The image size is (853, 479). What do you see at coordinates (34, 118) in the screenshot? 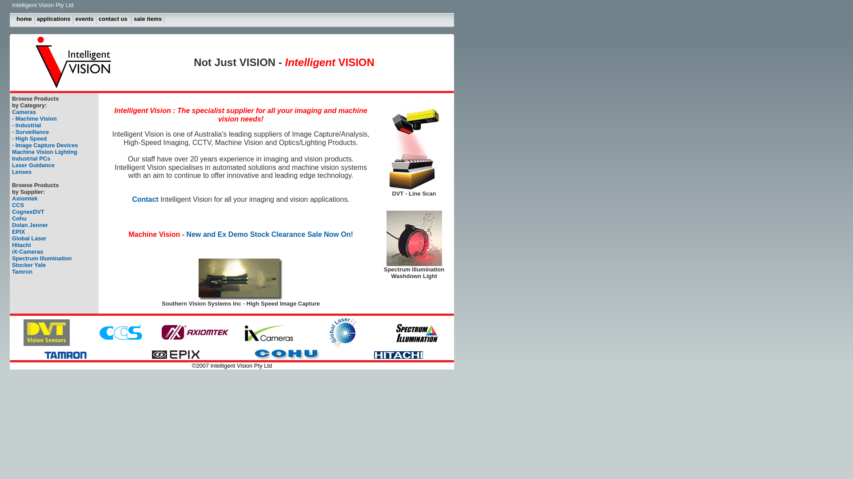
I see `'- Machine Vision'` at bounding box center [34, 118].